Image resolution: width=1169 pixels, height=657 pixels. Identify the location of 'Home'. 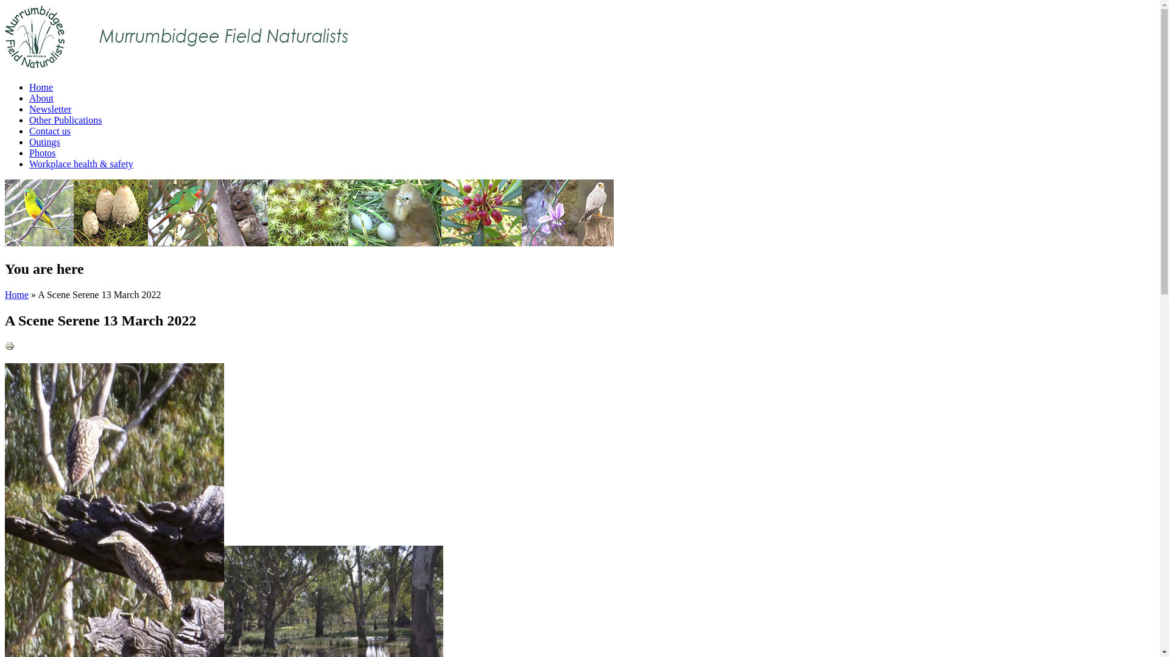
(177, 66).